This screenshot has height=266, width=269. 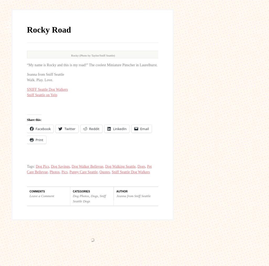 What do you see at coordinates (54, 73) in the screenshot?
I see `'Photos'` at bounding box center [54, 73].